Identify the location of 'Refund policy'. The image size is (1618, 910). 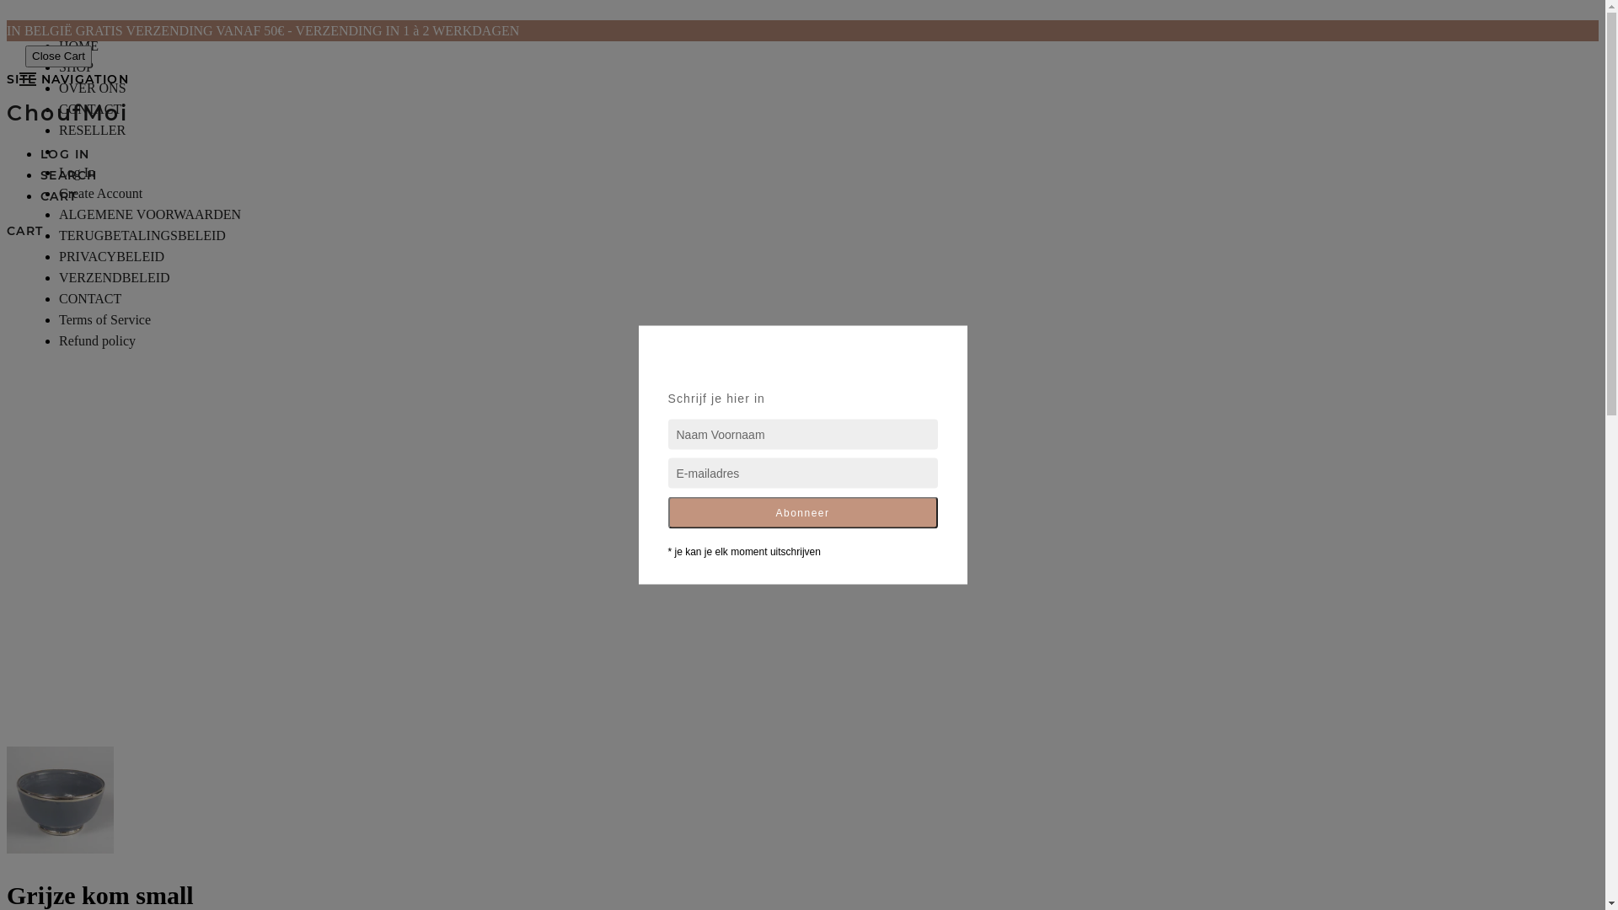
(96, 340).